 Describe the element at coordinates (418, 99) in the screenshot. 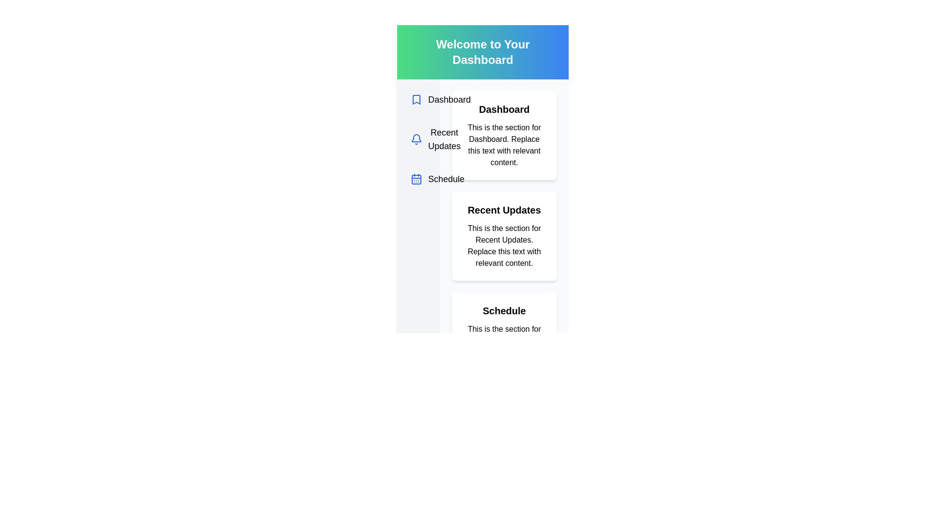

I see `the 'Dashboard' icon located in the vertical navigation menu, which is the first item and aligned to the left of the 'Dashboard' label` at that location.